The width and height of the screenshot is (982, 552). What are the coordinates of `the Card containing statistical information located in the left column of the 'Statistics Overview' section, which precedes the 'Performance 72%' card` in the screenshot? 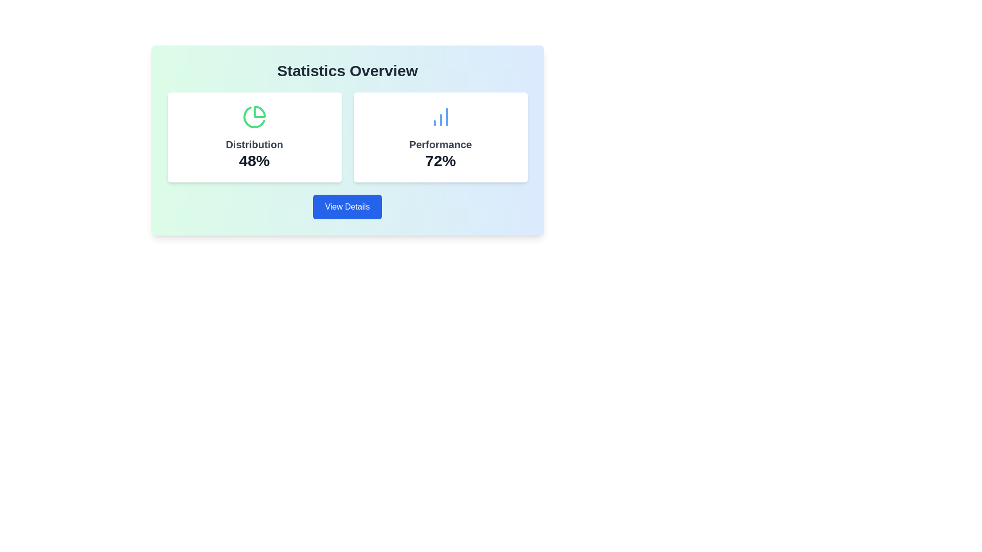 It's located at (254, 137).